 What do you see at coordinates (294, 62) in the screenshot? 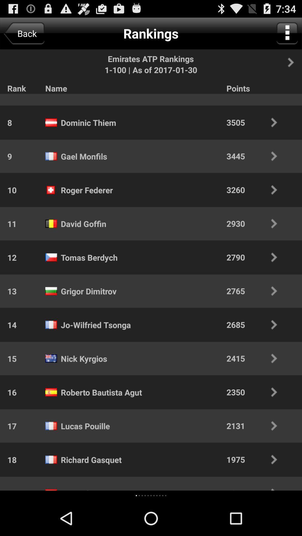
I see `an arrow that point to the right and when pressed move to the next page` at bounding box center [294, 62].